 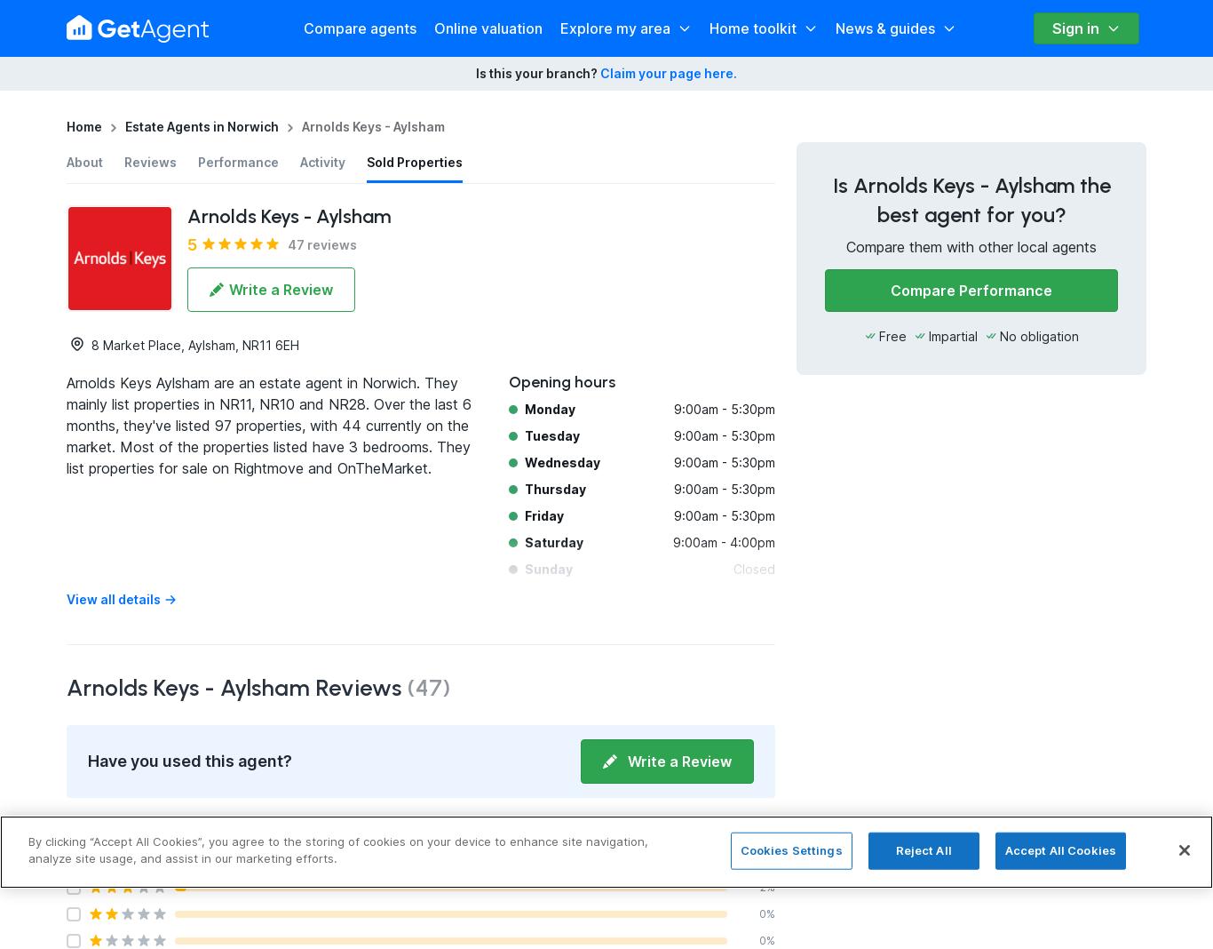 I want to click on 'About', so click(x=84, y=162).